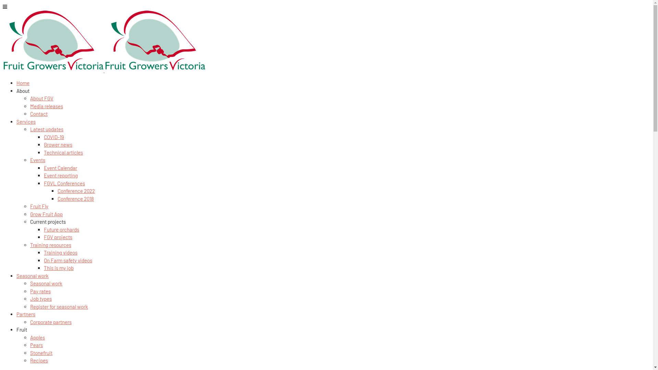  I want to click on 'Home', so click(23, 83).